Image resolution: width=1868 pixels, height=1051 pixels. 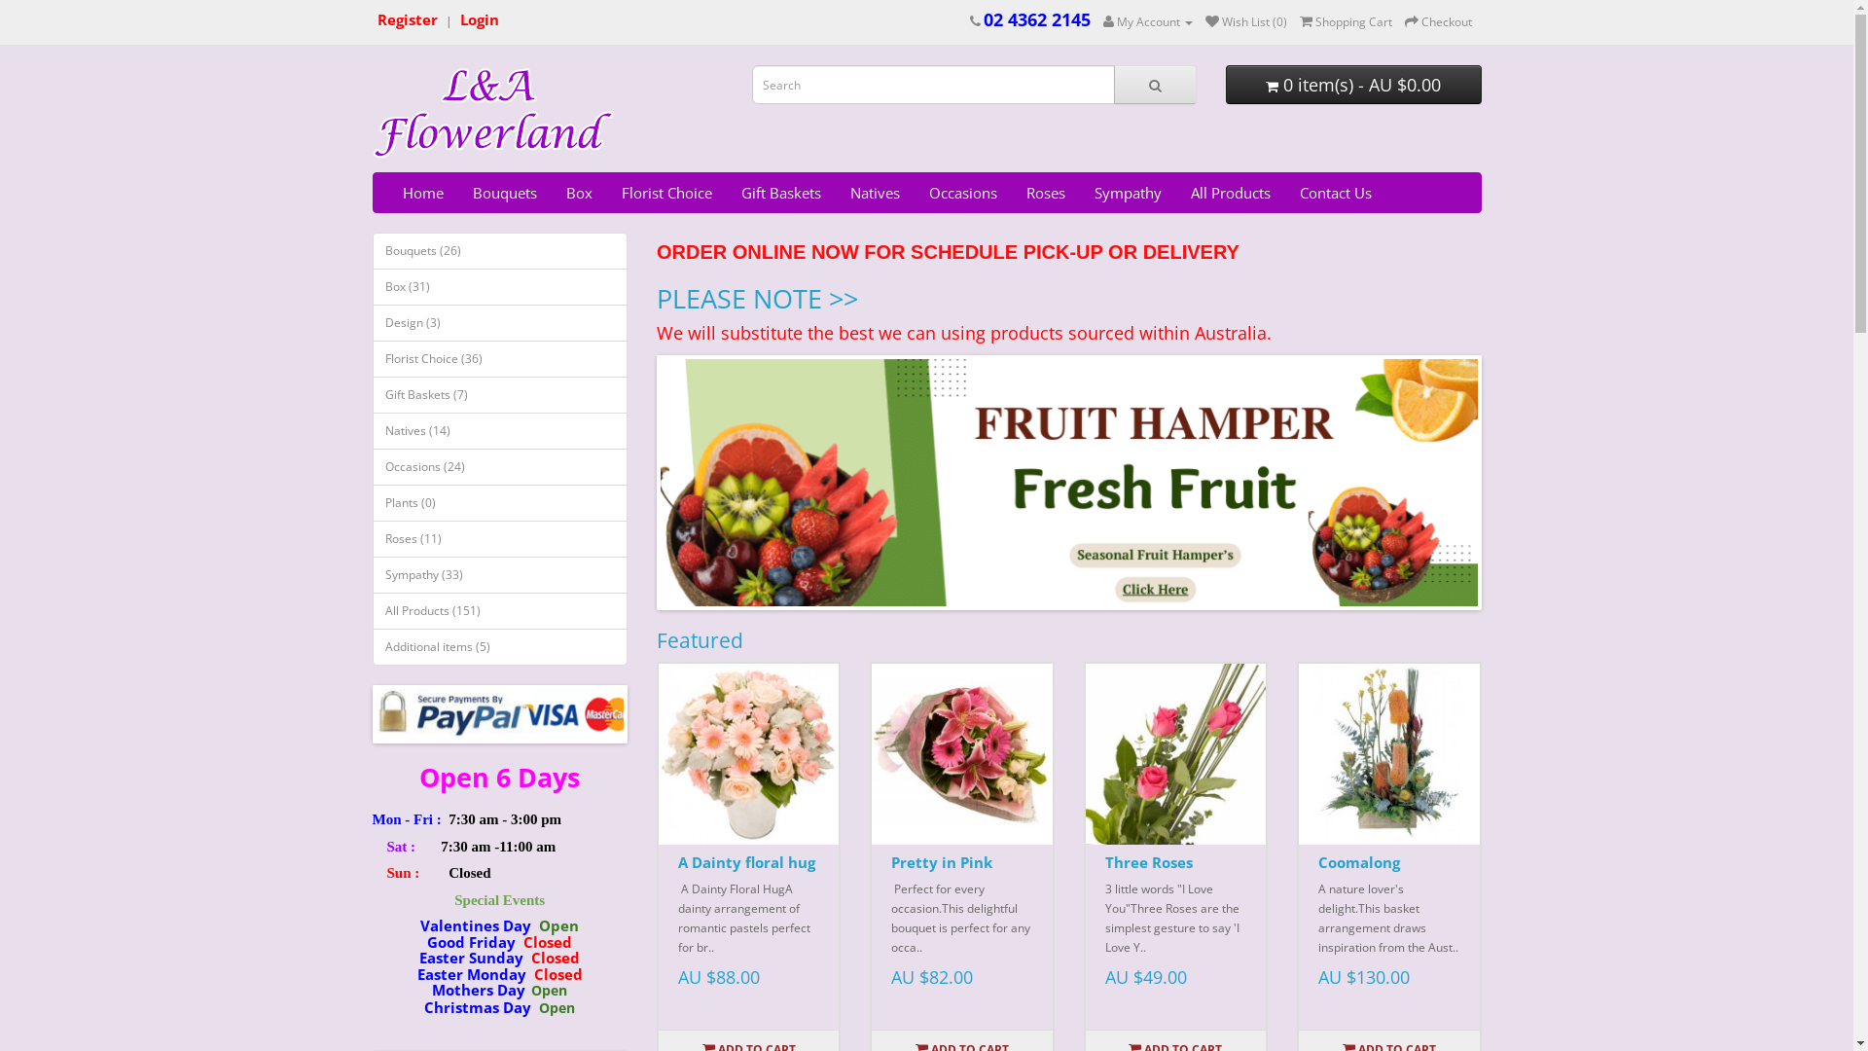 What do you see at coordinates (499, 573) in the screenshot?
I see `'Sympathy (33)'` at bounding box center [499, 573].